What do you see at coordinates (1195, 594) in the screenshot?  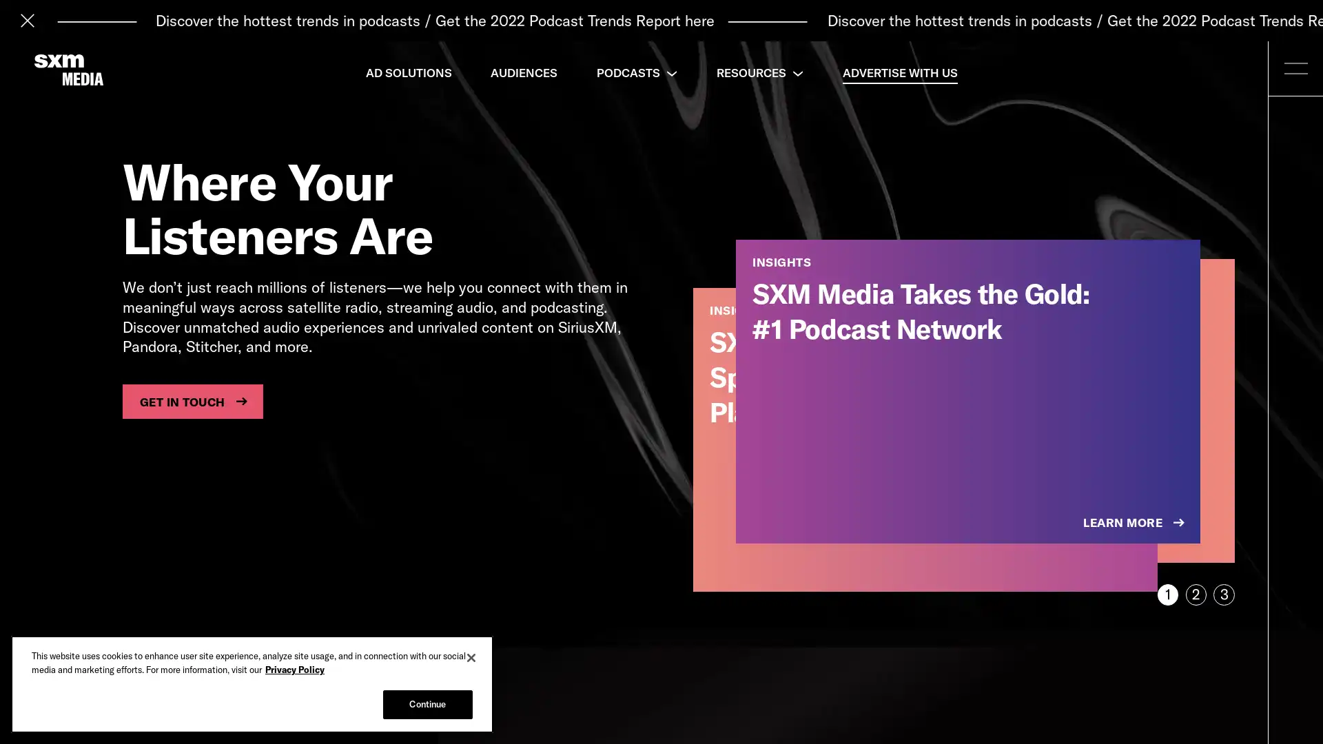 I see `2` at bounding box center [1195, 594].